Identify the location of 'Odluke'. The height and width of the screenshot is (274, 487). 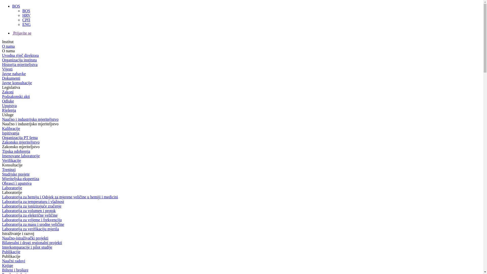
(8, 101).